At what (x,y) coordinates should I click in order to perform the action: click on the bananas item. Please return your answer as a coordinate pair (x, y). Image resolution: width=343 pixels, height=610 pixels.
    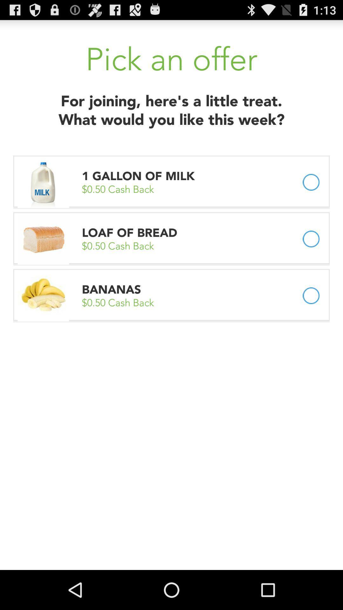
    Looking at the image, I should click on (111, 289).